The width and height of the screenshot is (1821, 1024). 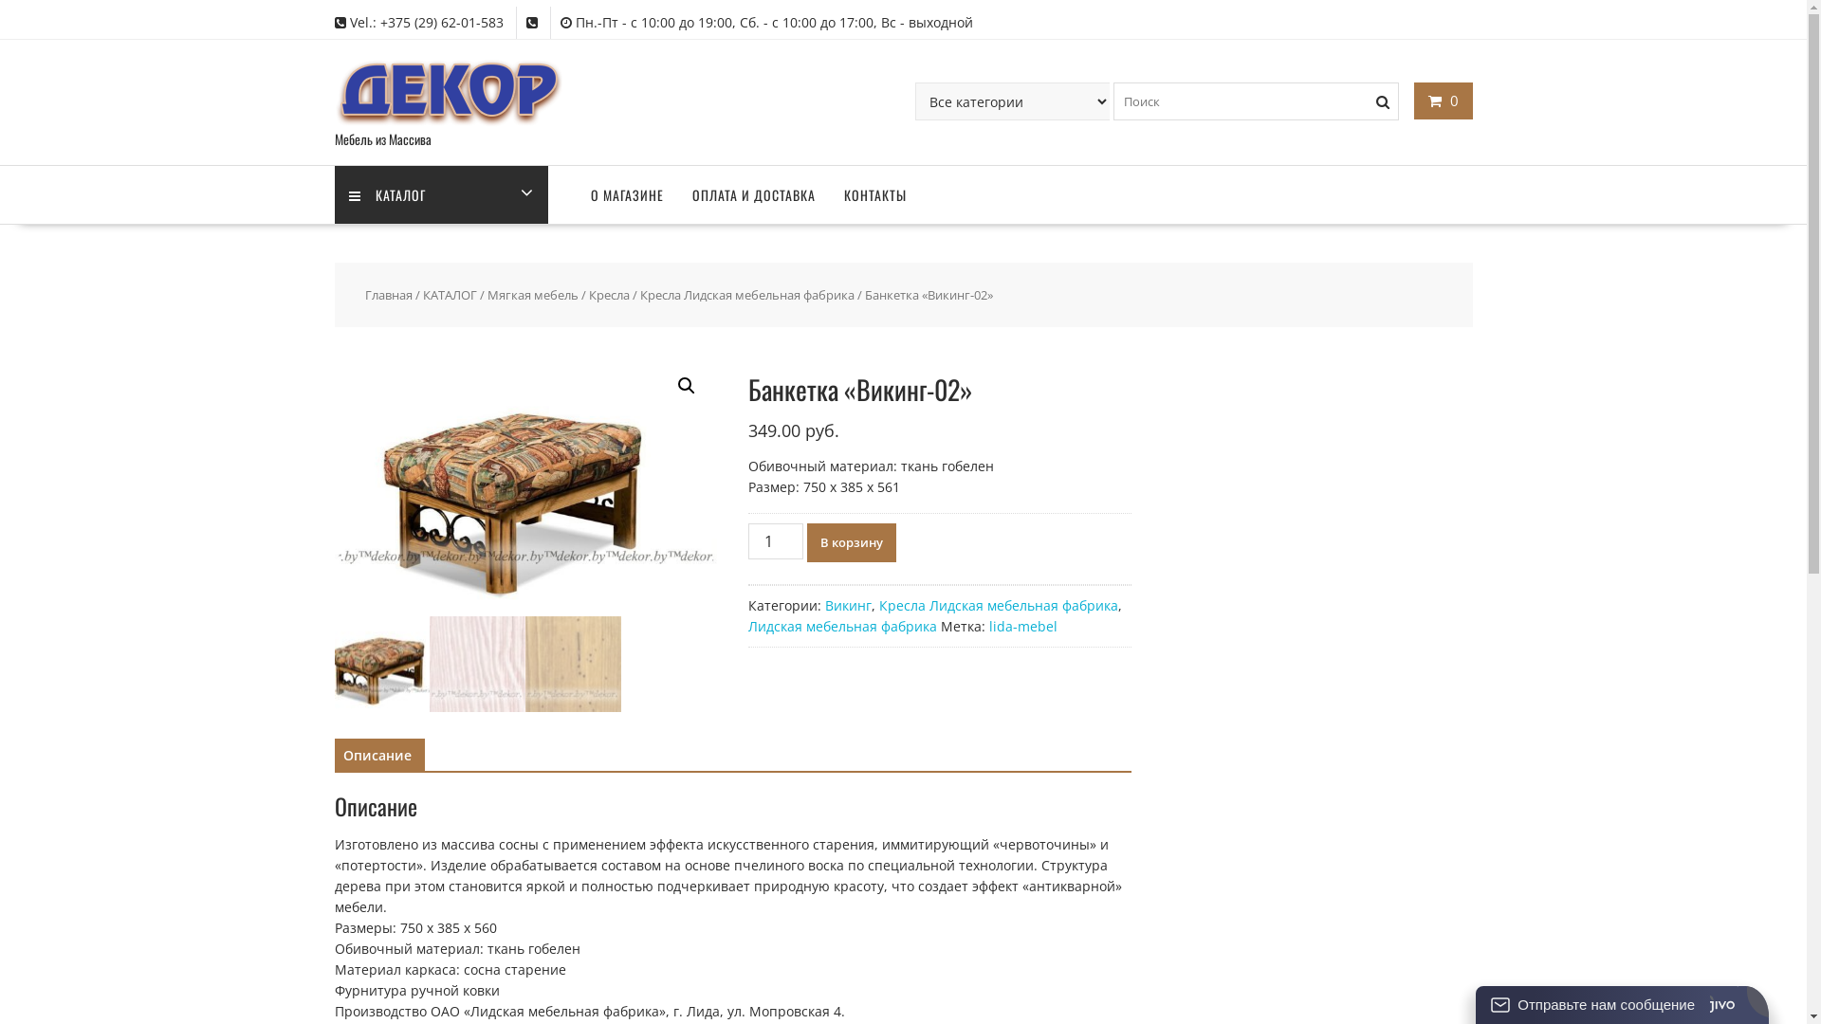 What do you see at coordinates (987, 626) in the screenshot?
I see `'lida-mebel'` at bounding box center [987, 626].